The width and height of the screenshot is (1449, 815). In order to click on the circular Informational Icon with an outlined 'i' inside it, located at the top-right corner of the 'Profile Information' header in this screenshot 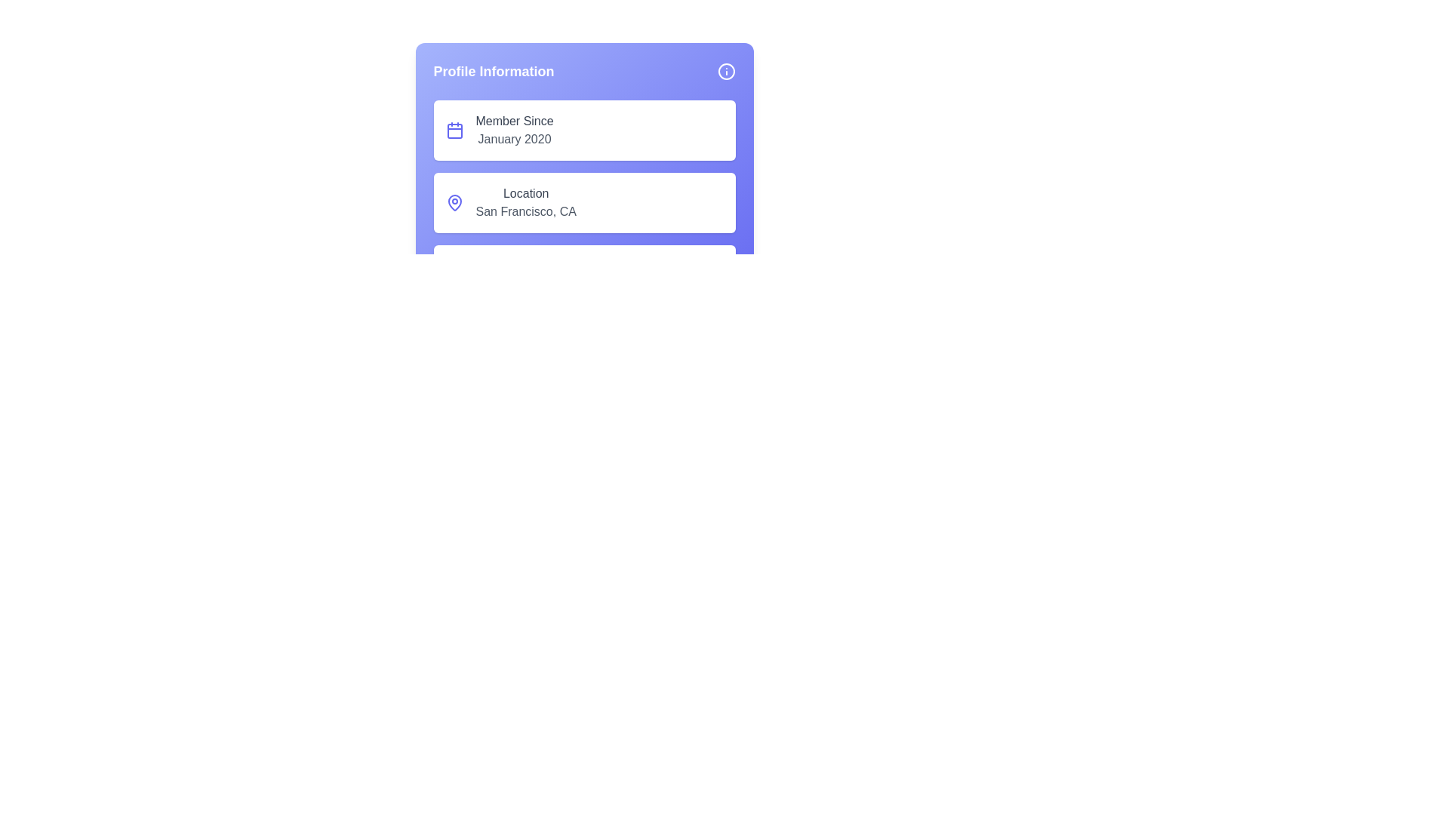, I will do `click(726, 72)`.